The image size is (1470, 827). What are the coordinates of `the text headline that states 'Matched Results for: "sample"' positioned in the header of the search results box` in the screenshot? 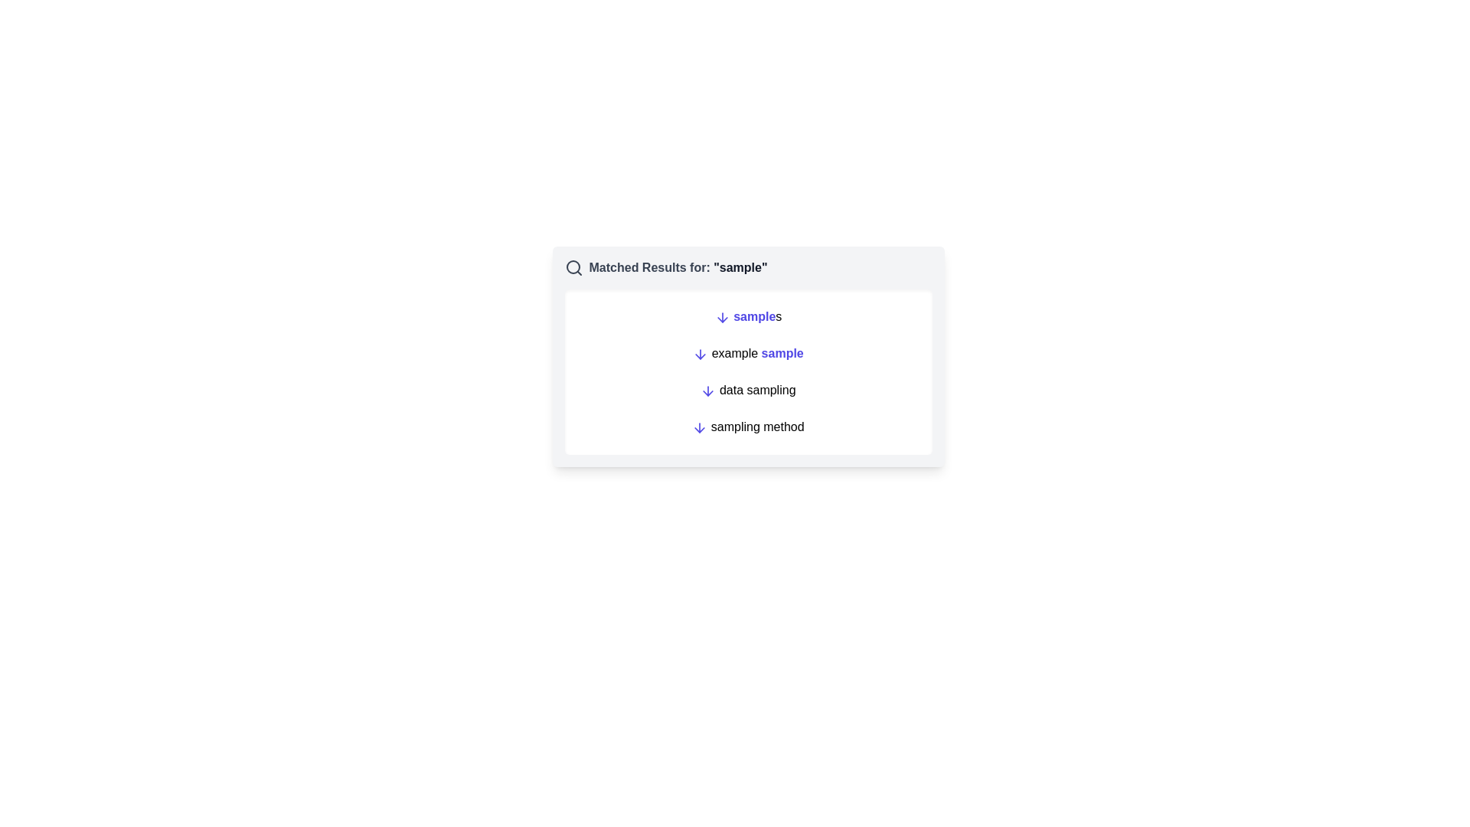 It's located at (678, 267).